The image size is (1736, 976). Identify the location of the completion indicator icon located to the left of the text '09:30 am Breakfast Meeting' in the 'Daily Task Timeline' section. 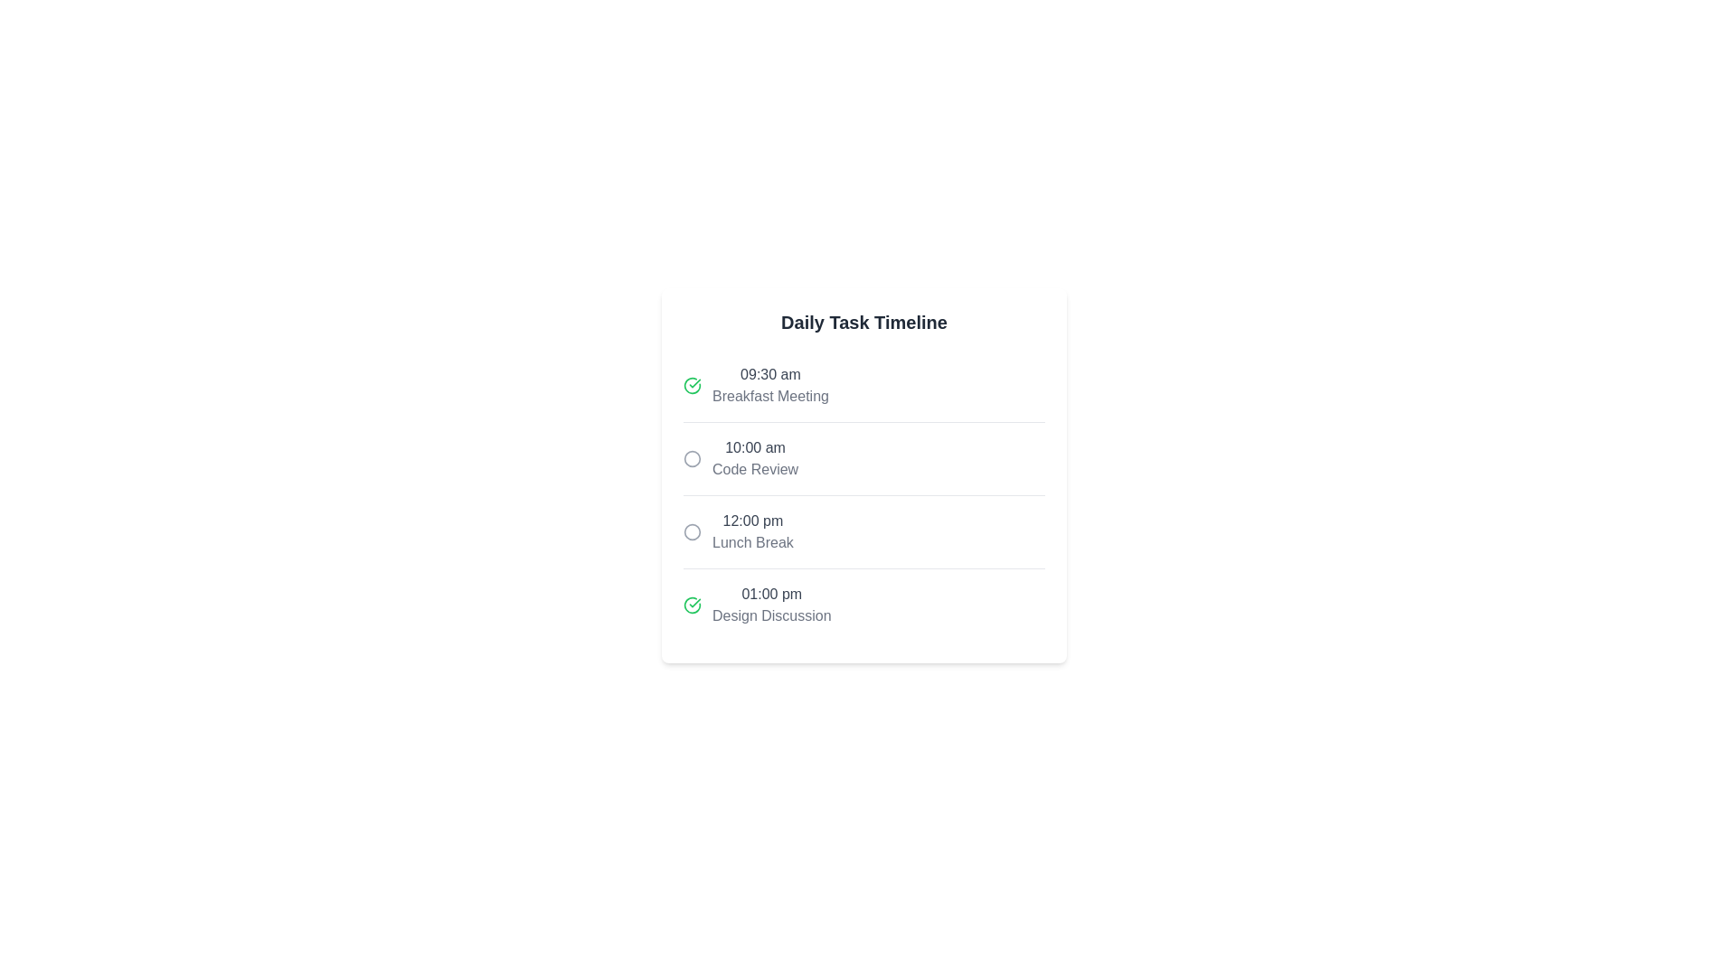
(692, 385).